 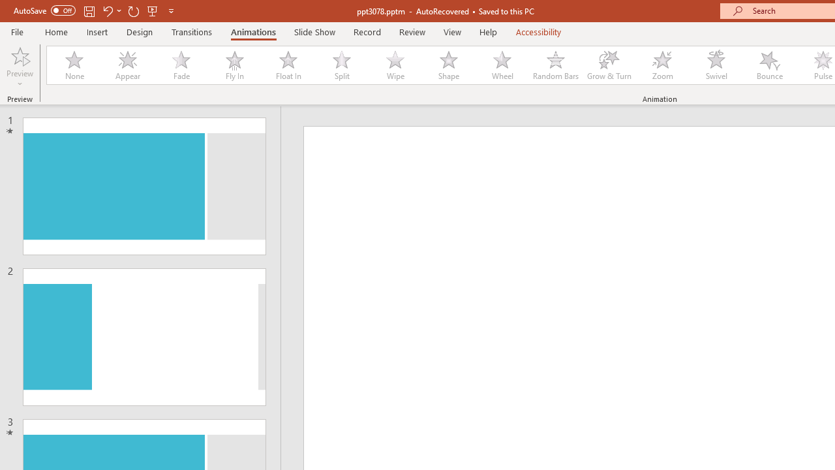 I want to click on 'Preview', so click(x=20, y=67).